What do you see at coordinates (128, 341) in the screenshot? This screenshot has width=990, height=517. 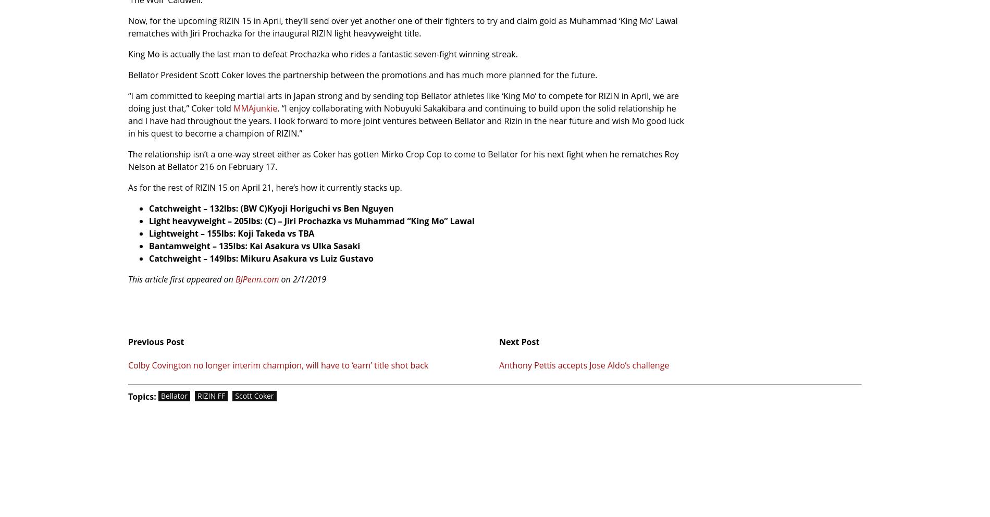 I see `'Previous Post'` at bounding box center [128, 341].